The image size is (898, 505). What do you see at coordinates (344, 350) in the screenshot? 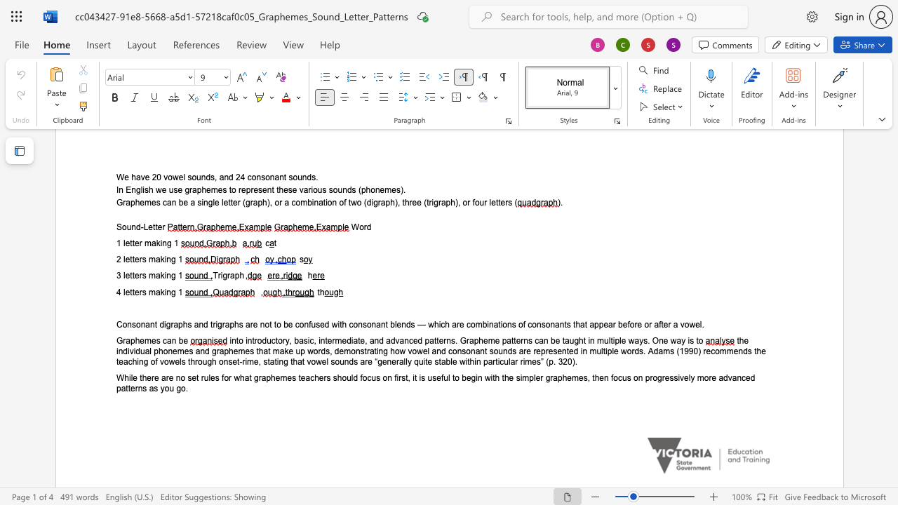
I see `the space between the continuous character "e" and "m" in the text` at bounding box center [344, 350].